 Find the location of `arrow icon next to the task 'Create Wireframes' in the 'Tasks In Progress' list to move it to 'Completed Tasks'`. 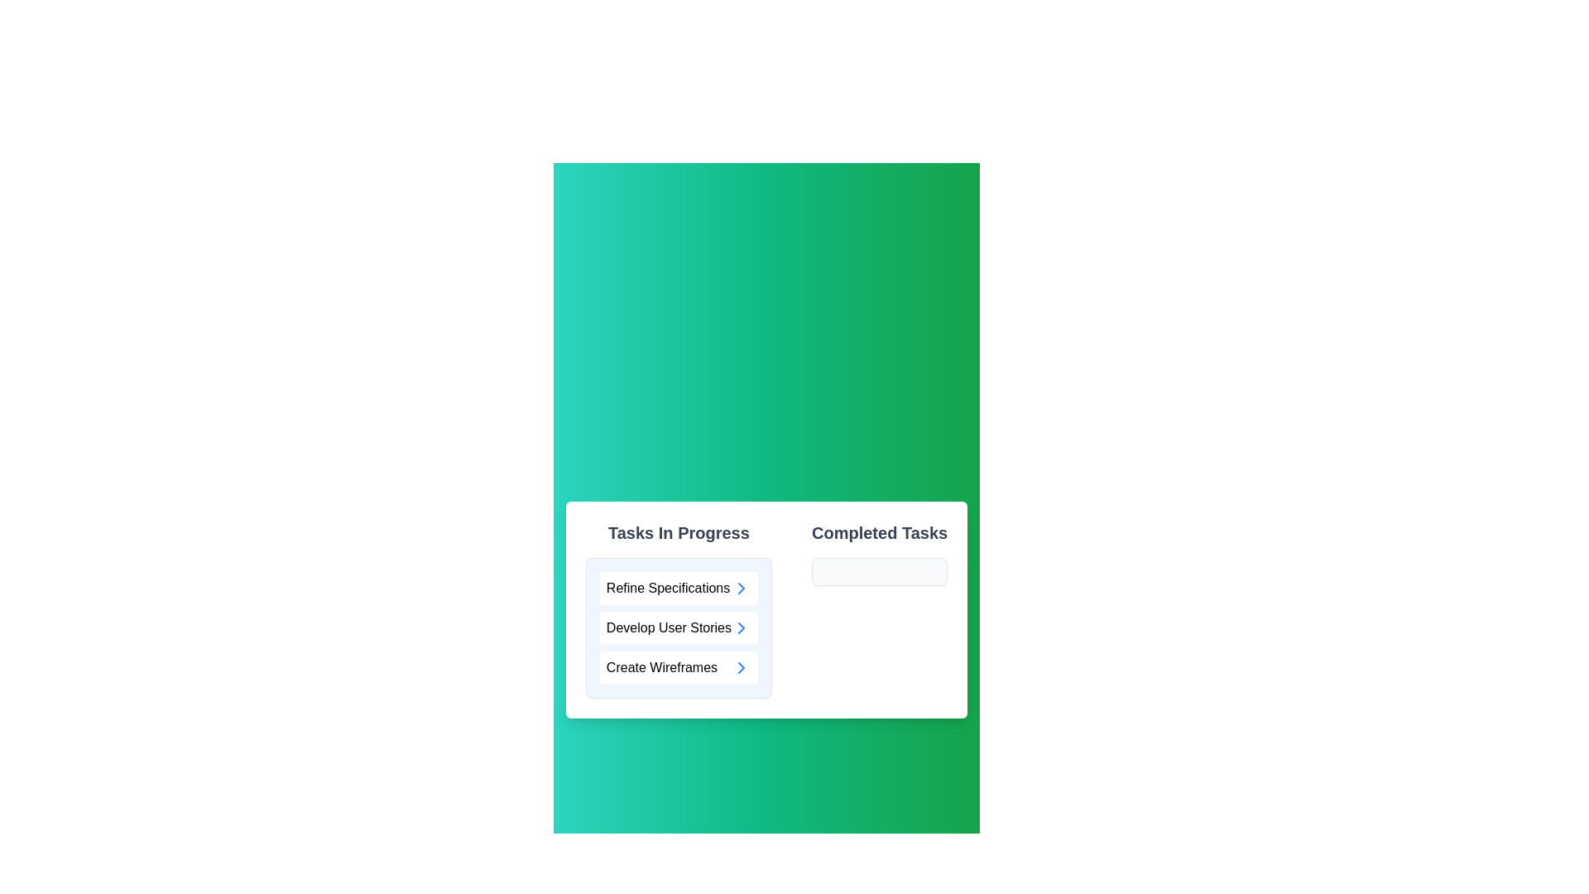

arrow icon next to the task 'Create Wireframes' in the 'Tasks In Progress' list to move it to 'Completed Tasks' is located at coordinates (741, 666).